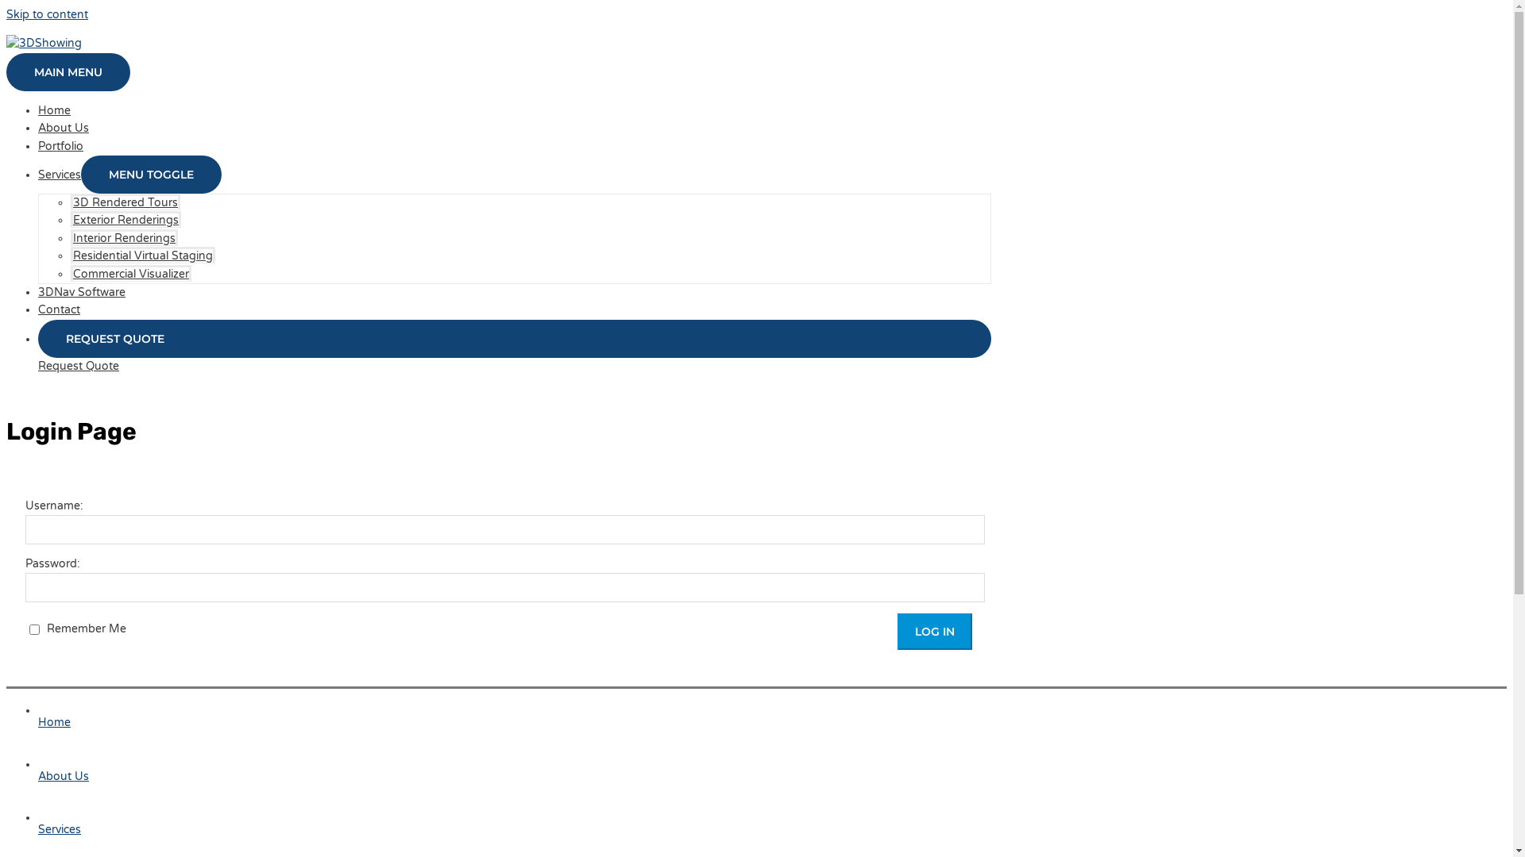  What do you see at coordinates (515, 714) in the screenshot?
I see `'Home'` at bounding box center [515, 714].